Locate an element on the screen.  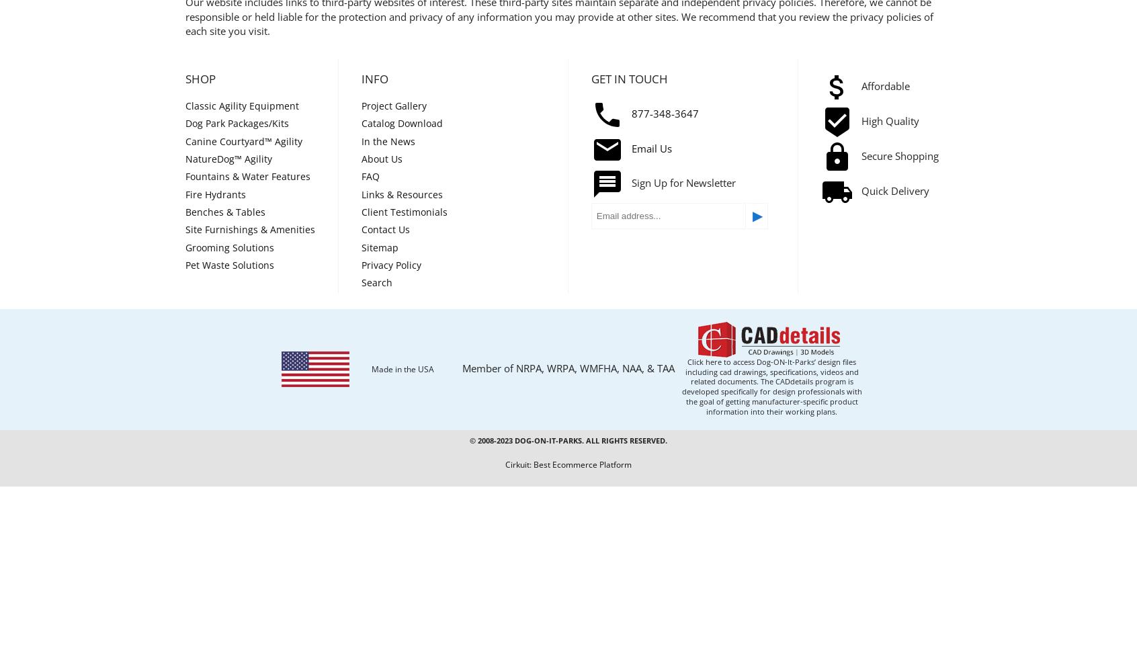
'Privacy Policy' is located at coordinates (390, 265).